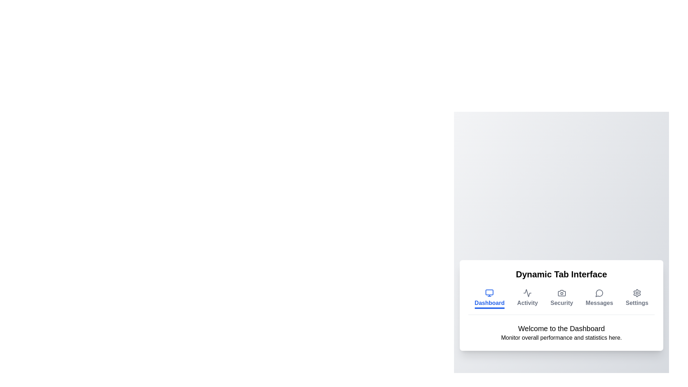 Image resolution: width=688 pixels, height=387 pixels. Describe the element at coordinates (527, 298) in the screenshot. I see `the Navigation Tab` at that location.